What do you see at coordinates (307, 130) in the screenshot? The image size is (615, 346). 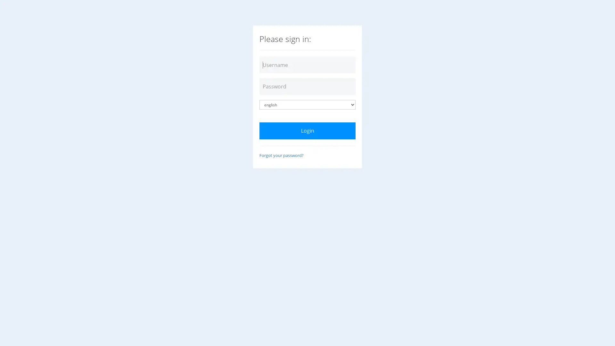 I see `Login` at bounding box center [307, 130].